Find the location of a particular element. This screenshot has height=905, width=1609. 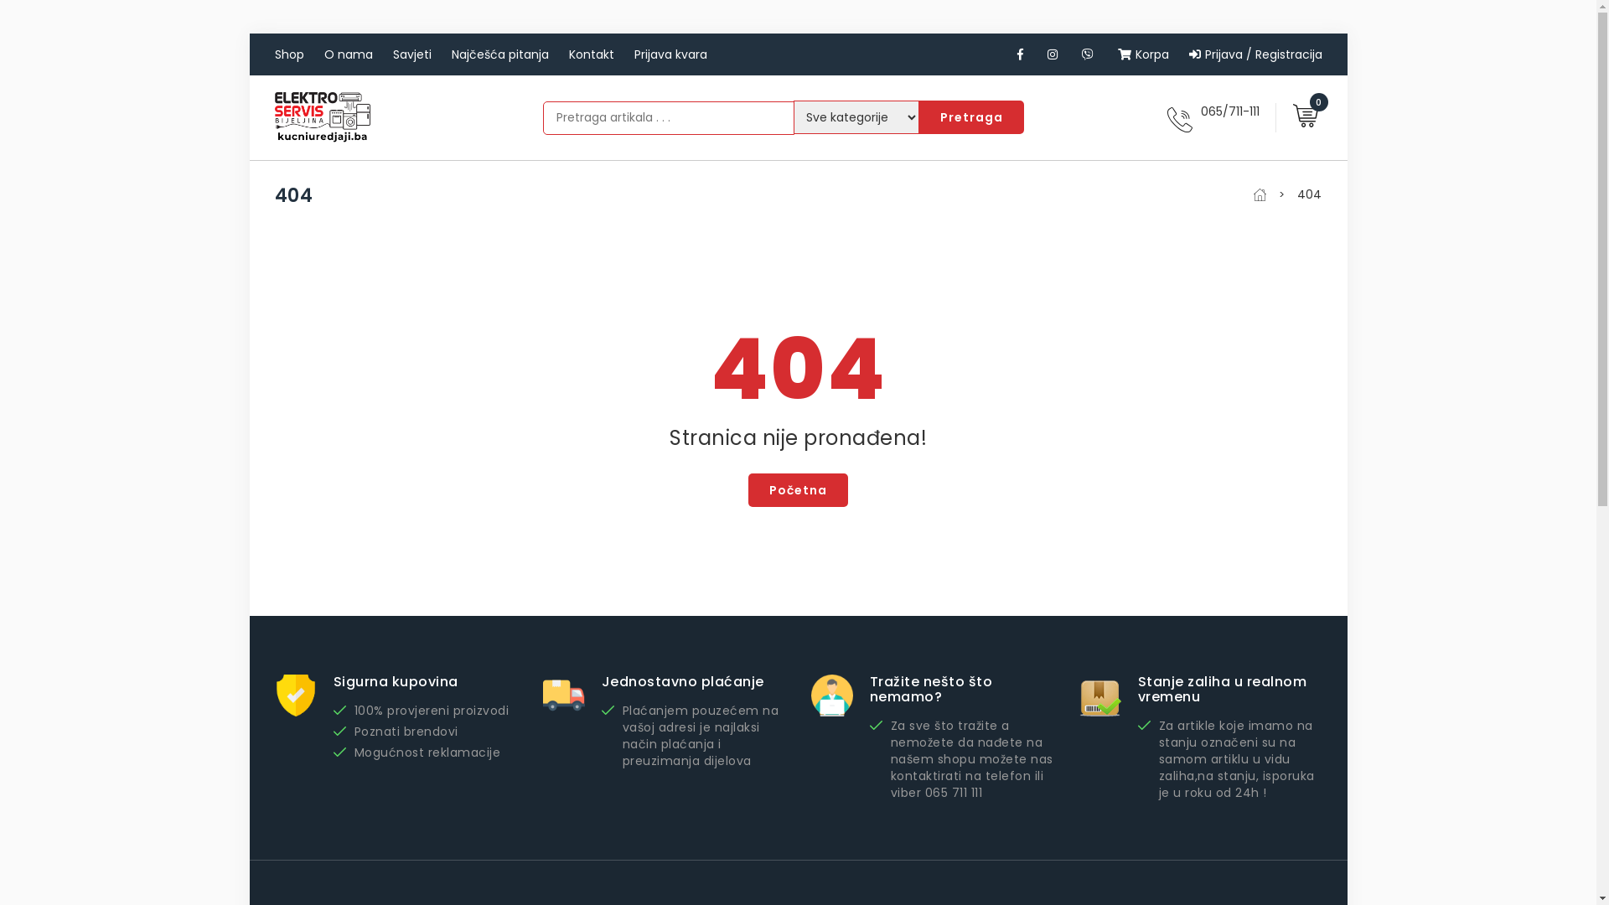

'065/711-111' is located at coordinates (1229, 111).